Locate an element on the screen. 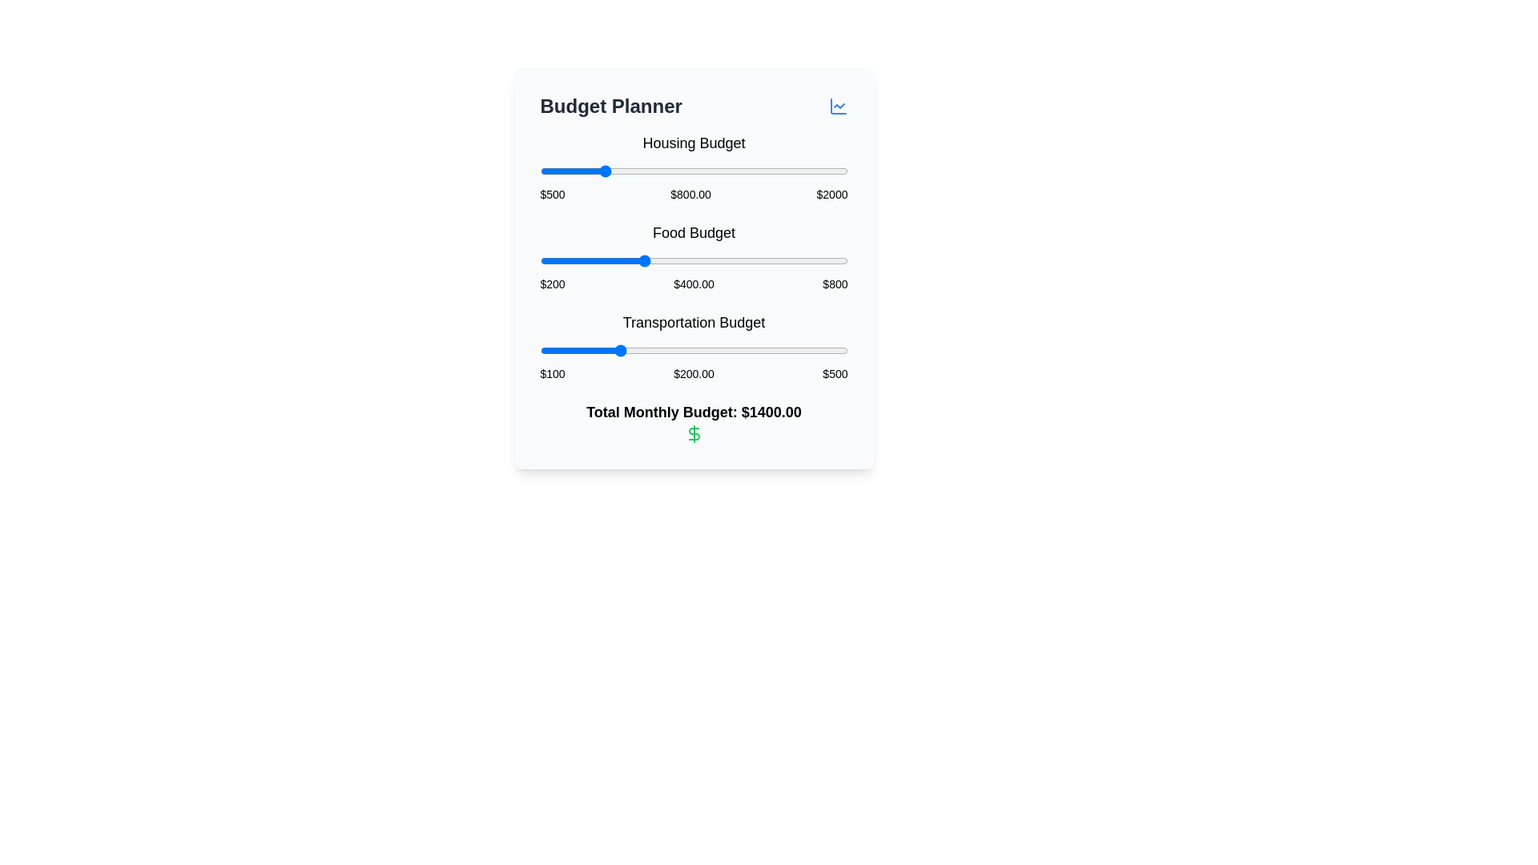 Image resolution: width=1538 pixels, height=865 pixels. the static text label displaying the value '$2000' located on the far right side of the 'Housing Budget' row is located at coordinates (832, 194).